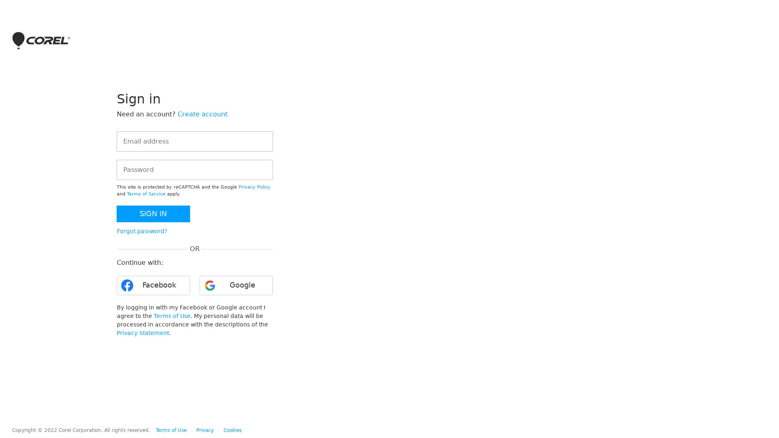 Image resolution: width=779 pixels, height=438 pixels. Describe the element at coordinates (153, 213) in the screenshot. I see `SIGN IN` at that location.